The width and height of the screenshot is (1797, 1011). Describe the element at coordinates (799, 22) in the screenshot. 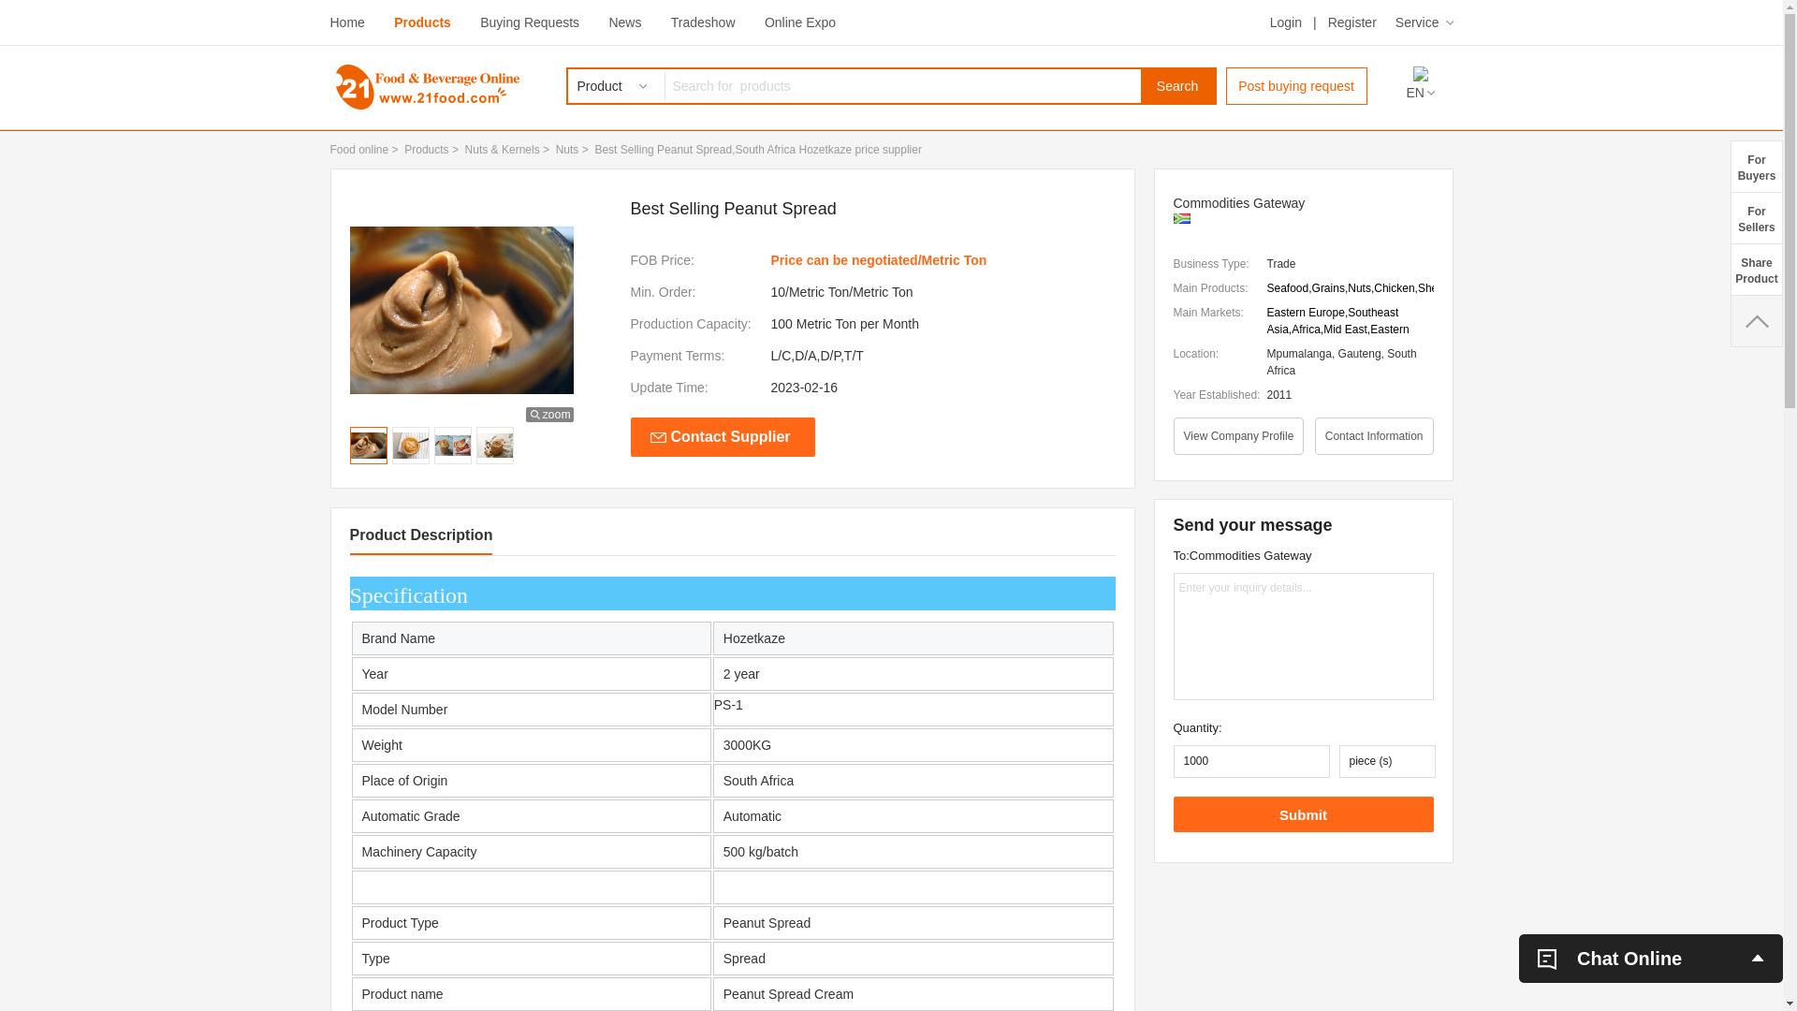

I see `'Online Expo'` at that location.